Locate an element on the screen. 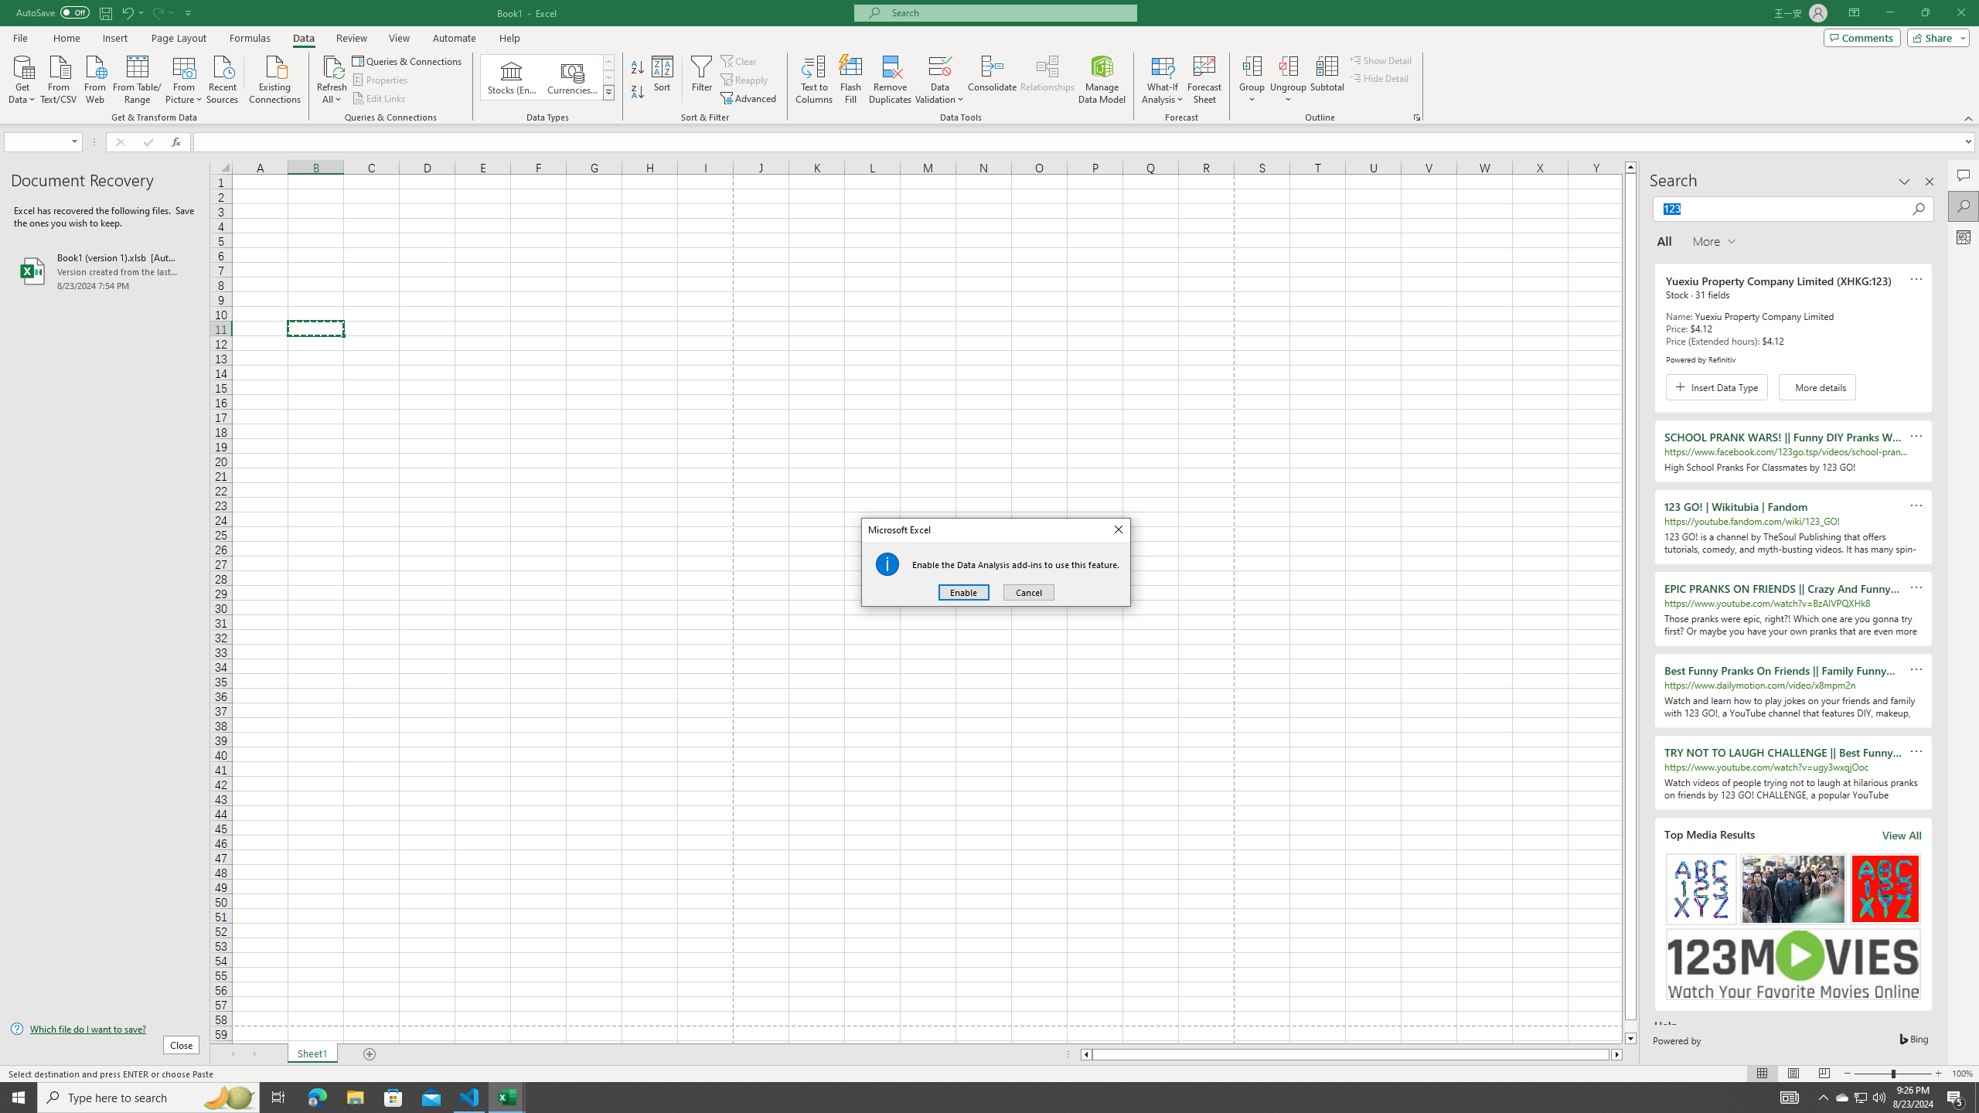  'Microsoft Edge' is located at coordinates (316, 1096).